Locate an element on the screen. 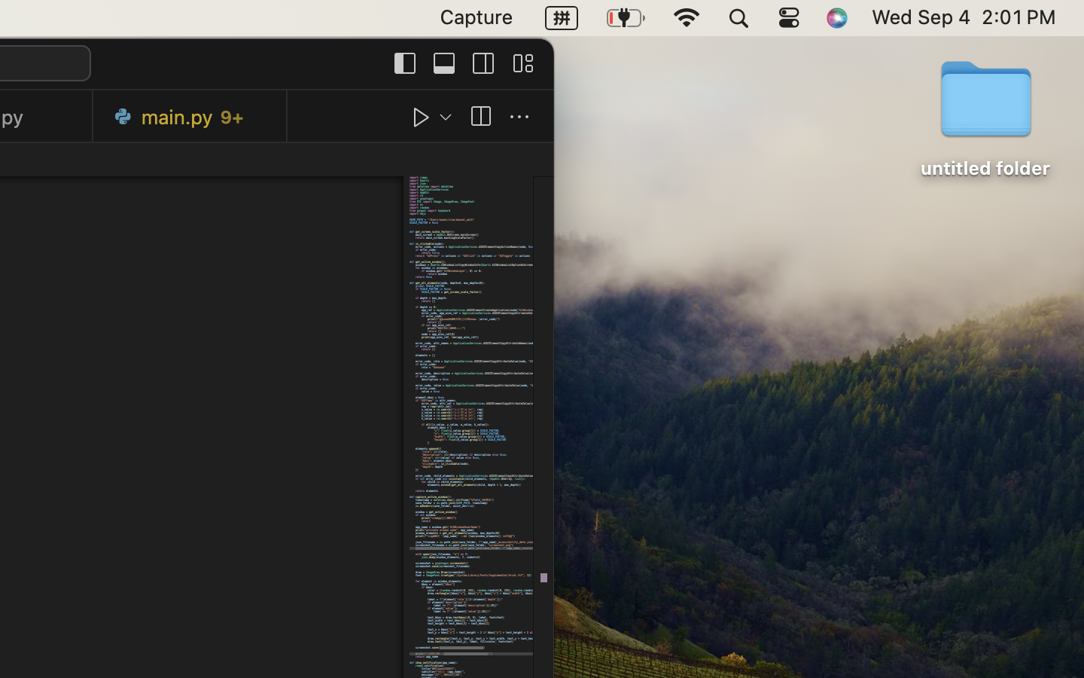 This screenshot has height=678, width=1084. '' is located at coordinates (403, 62).